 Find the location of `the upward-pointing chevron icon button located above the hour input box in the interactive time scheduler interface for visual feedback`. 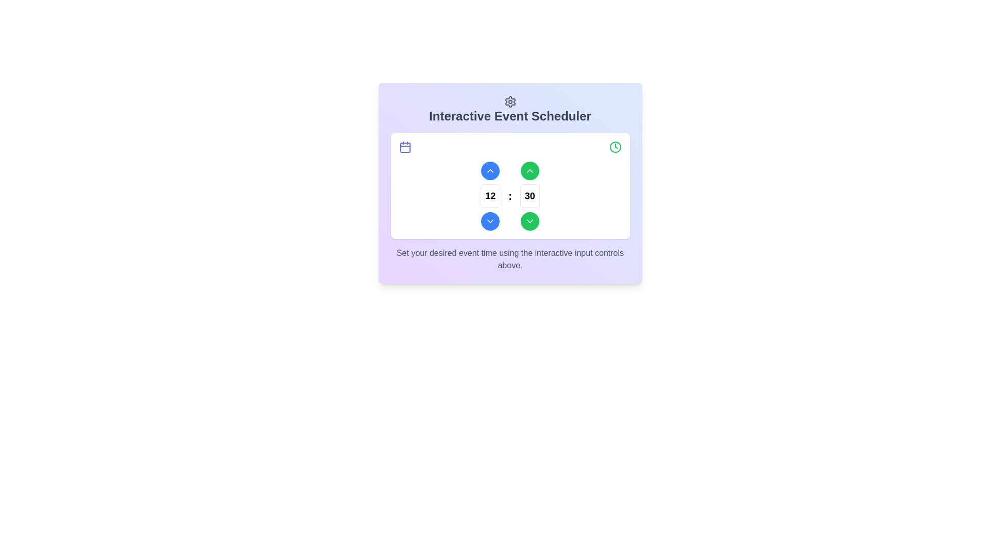

the upward-pointing chevron icon button located above the hour input box in the interactive time scheduler interface for visual feedback is located at coordinates (490, 170).